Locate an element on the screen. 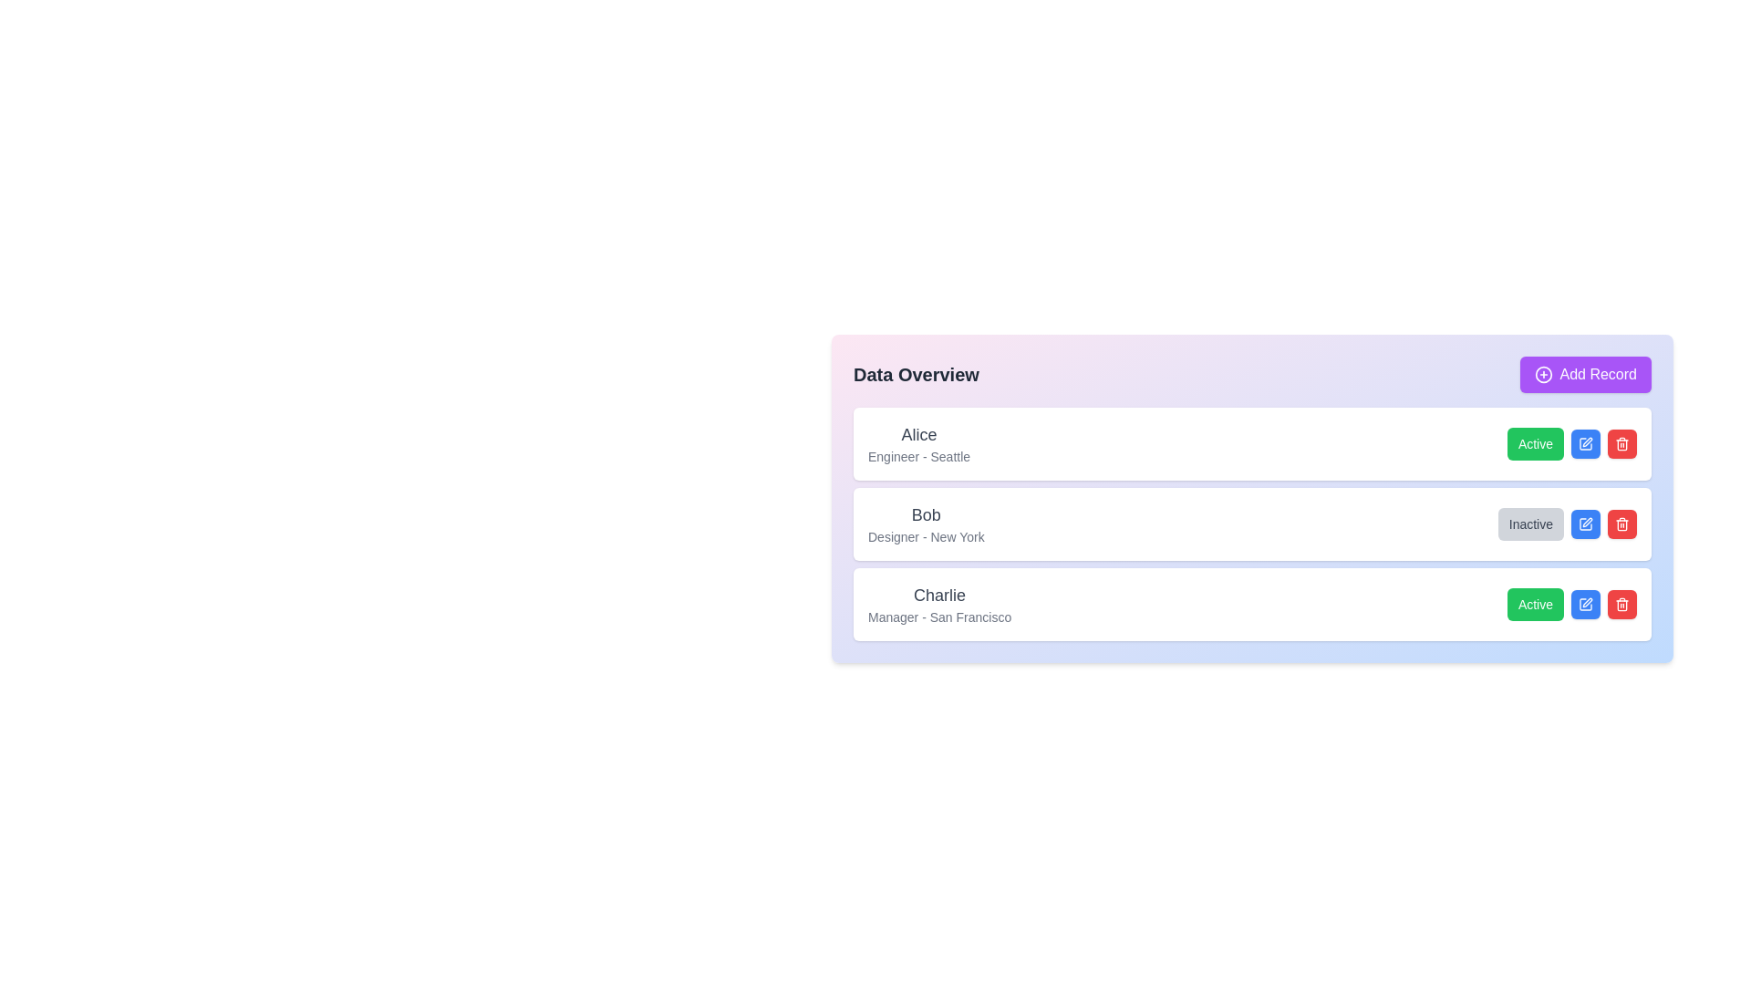 This screenshot has width=1751, height=985. the text label displaying the job title and location of the individual referenced above it, which is located in the second row under the heading 'Data Overview', directly beneath 'Bob' is located at coordinates (926, 536).